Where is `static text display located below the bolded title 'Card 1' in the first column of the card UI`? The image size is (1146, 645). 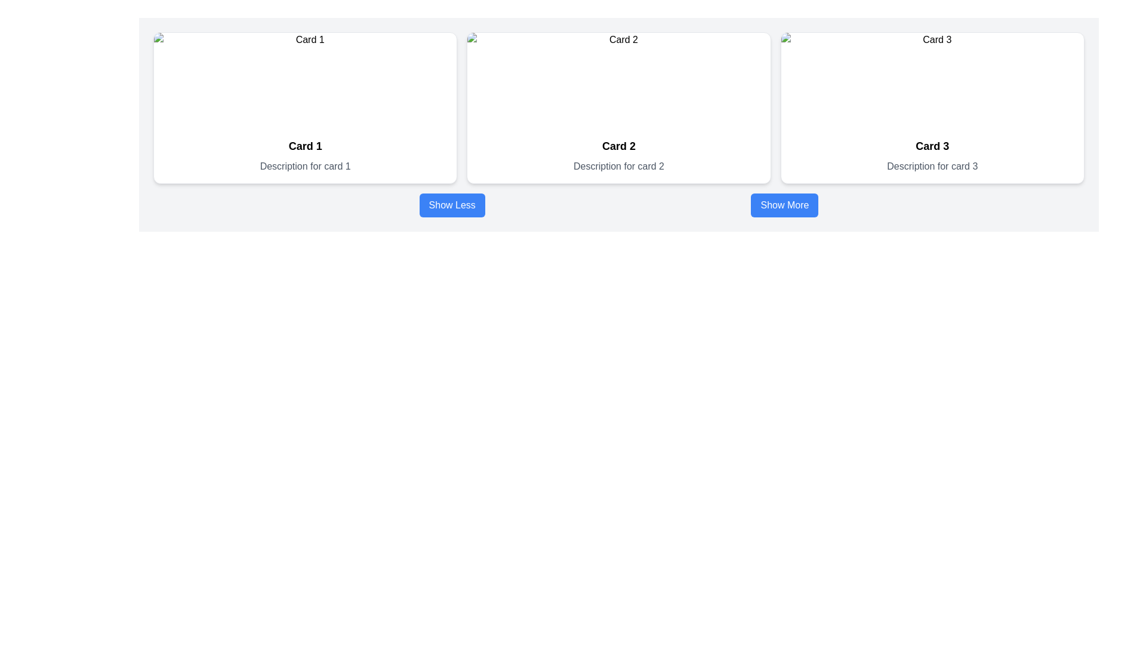 static text display located below the bolded title 'Card 1' in the first column of the card UI is located at coordinates (305, 166).